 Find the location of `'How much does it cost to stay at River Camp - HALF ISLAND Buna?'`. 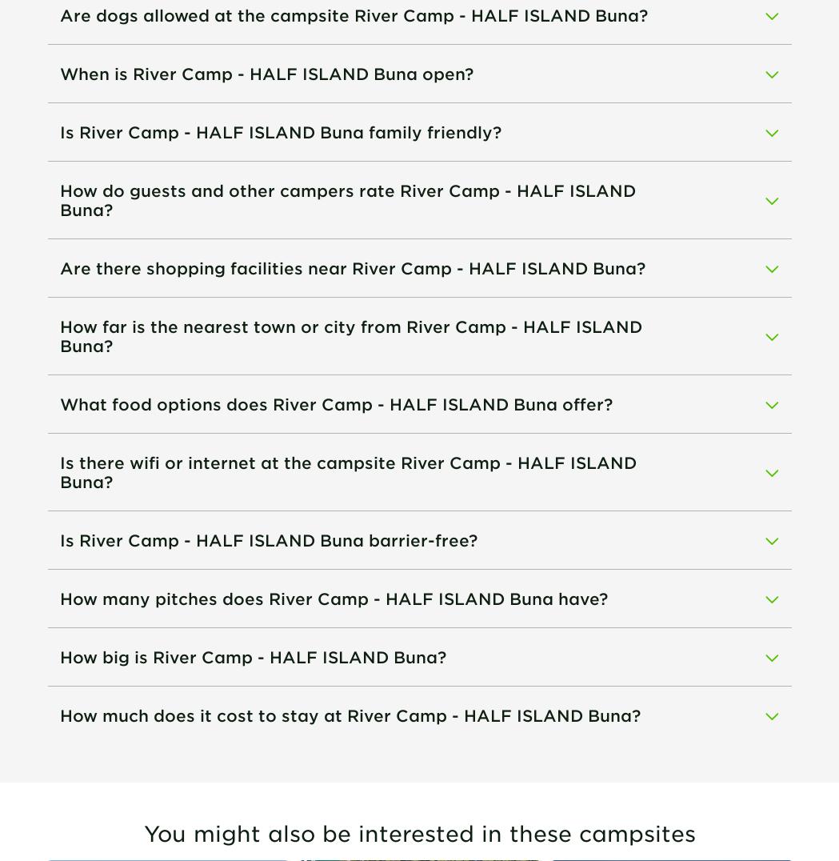

'How much does it cost to stay at River Camp - HALF ISLAND Buna?' is located at coordinates (349, 715).